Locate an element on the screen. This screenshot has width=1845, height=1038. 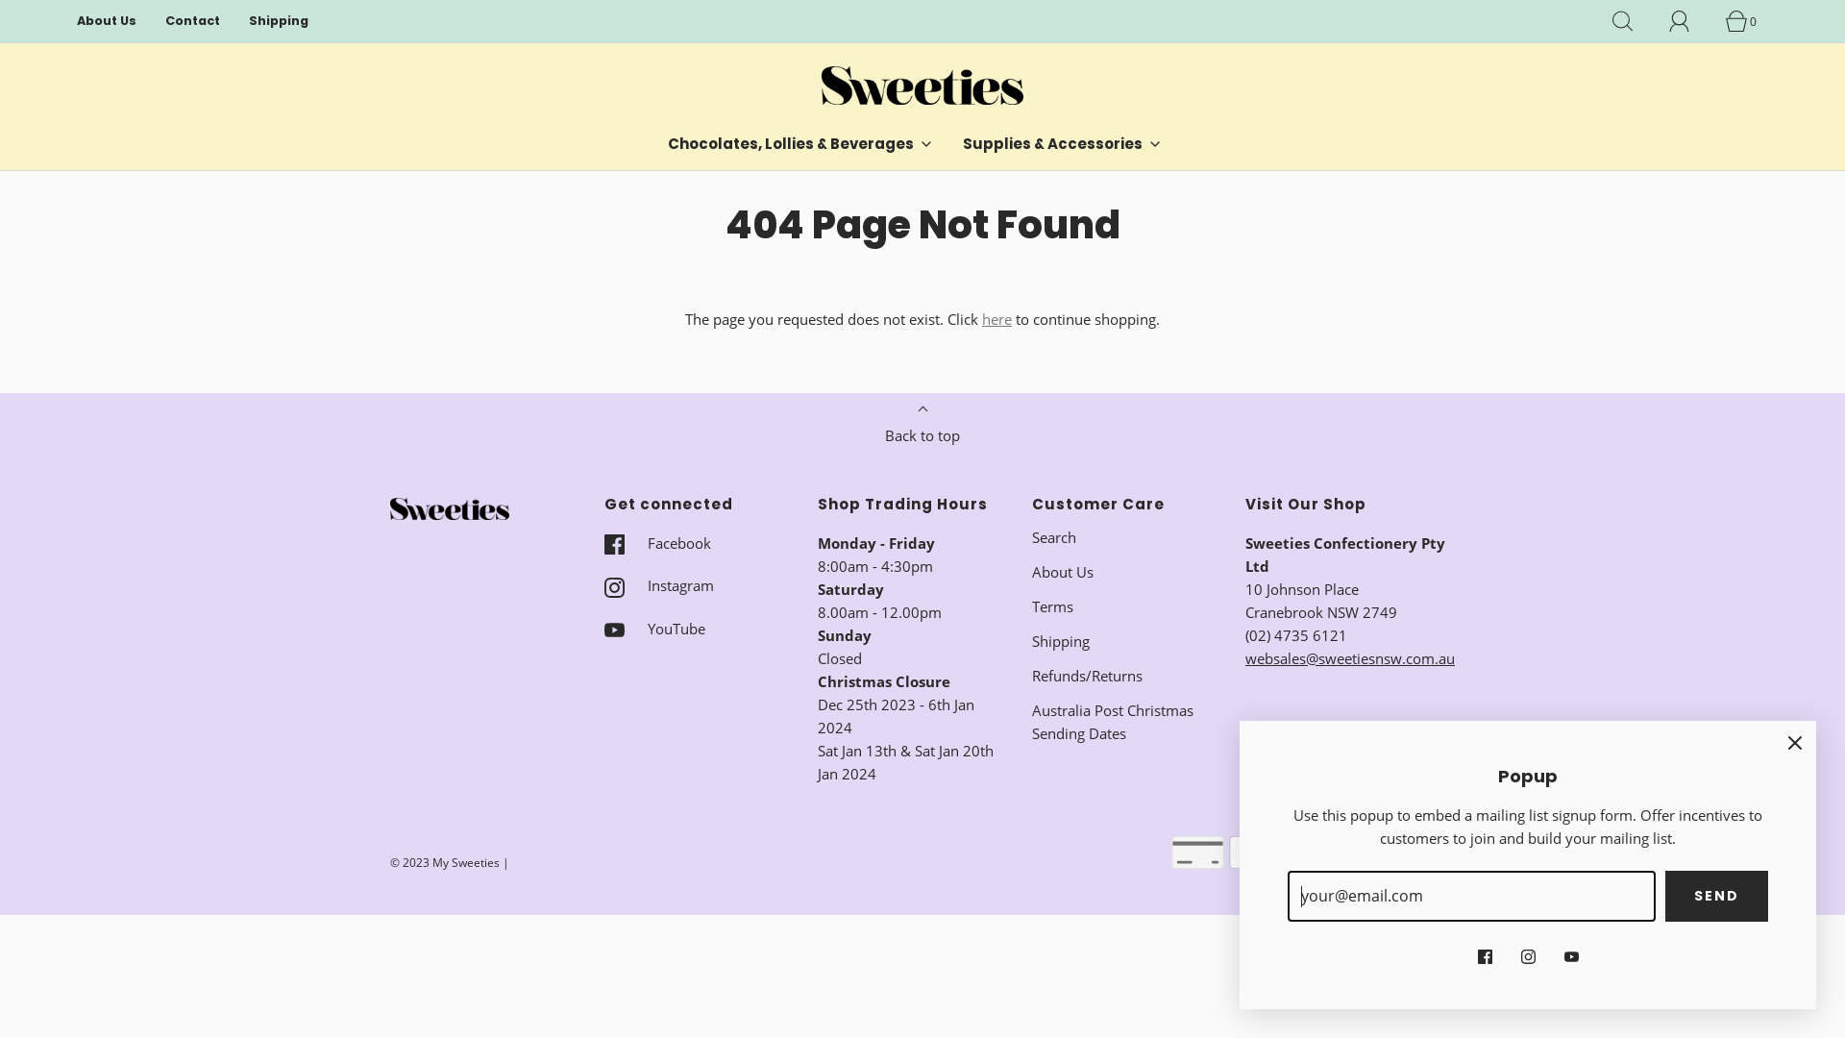
'SEND' is located at coordinates (1716, 897).